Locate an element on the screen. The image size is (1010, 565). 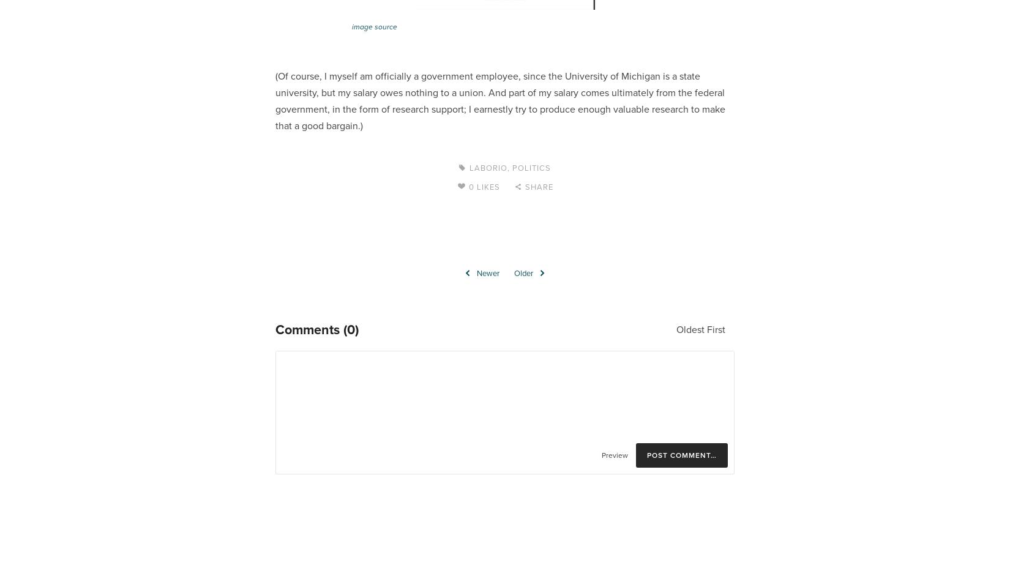
'laborio' is located at coordinates (487, 168).